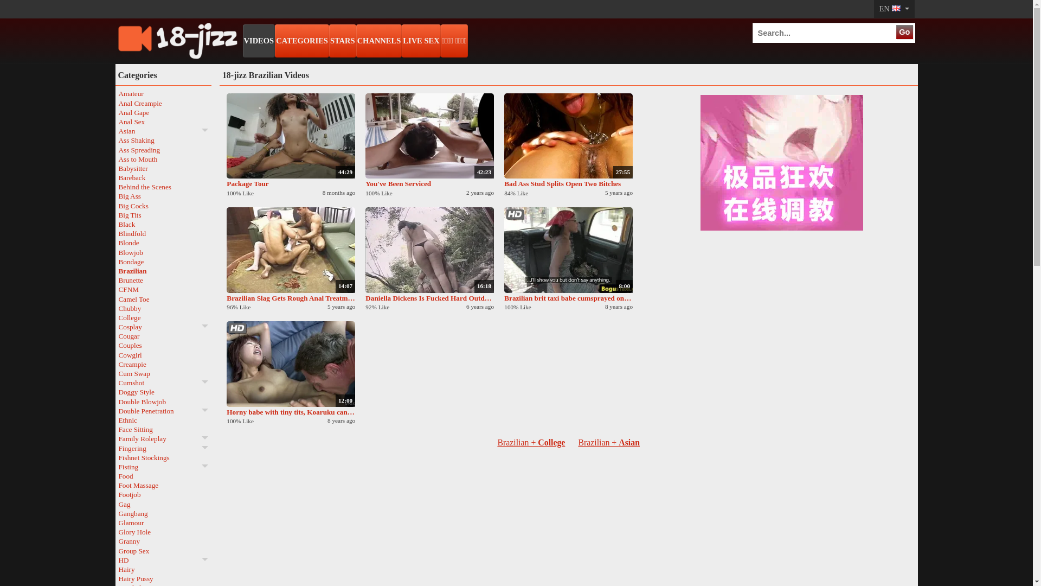  Describe the element at coordinates (531, 442) in the screenshot. I see `'Brazilian + College'` at that location.